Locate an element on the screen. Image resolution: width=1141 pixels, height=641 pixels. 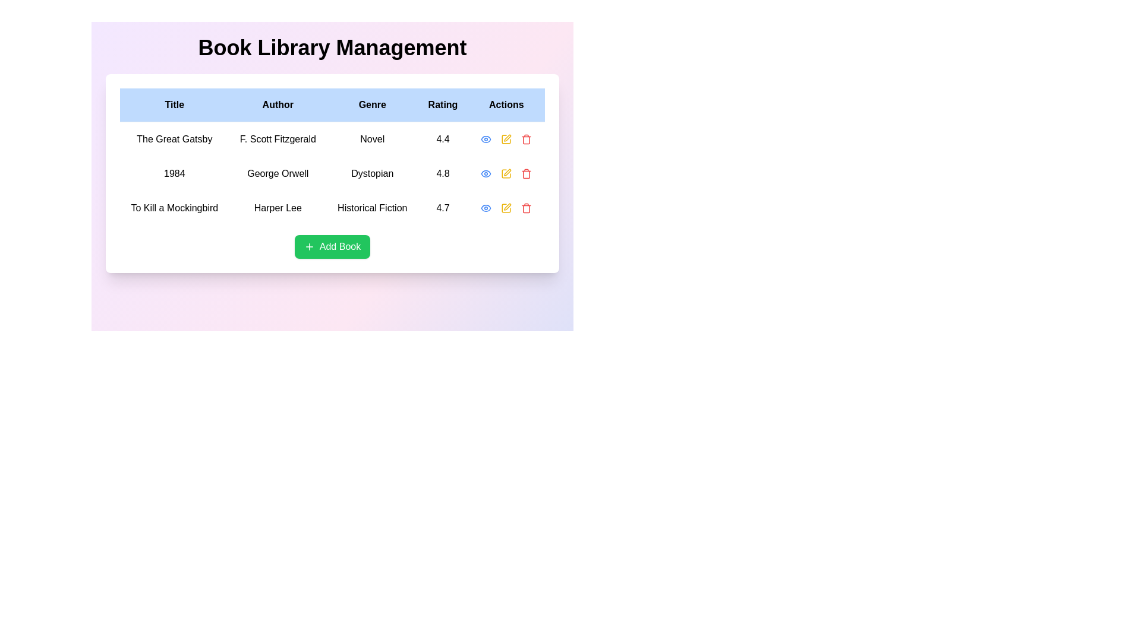
the edit icon in the 'Actions' column of the second row to initiate editing of the '1984' book entry is located at coordinates (506, 174).